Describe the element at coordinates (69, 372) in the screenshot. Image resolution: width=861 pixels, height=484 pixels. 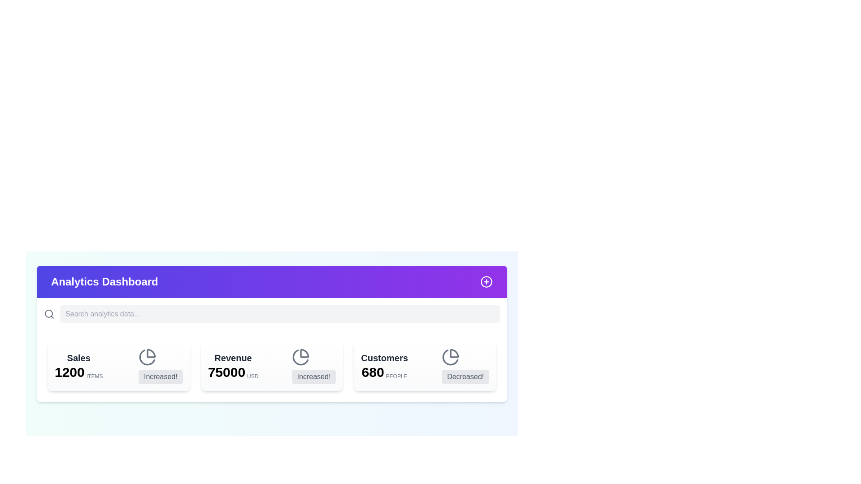
I see `the text displaying the number '1200' which is located below 'Sales' and to the left of 'ITEMS' in the top-left quadrant of the dashboard` at that location.